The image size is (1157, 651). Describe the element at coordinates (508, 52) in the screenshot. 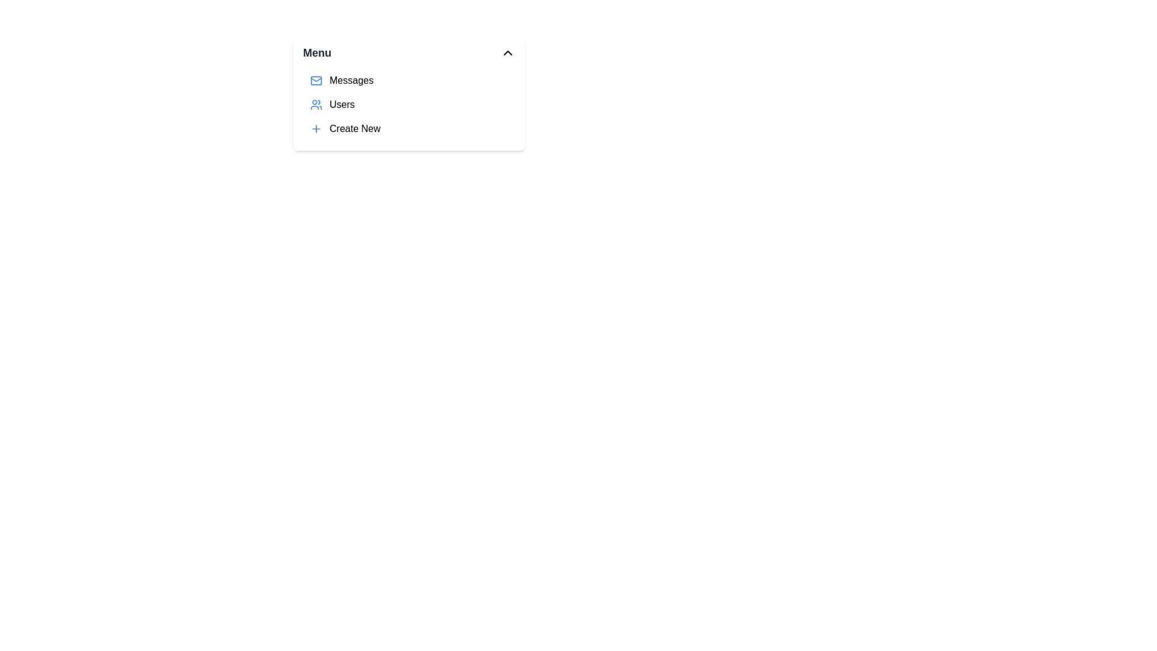

I see `the Chevron Down icon located to the right of the 'Menu' text` at that location.